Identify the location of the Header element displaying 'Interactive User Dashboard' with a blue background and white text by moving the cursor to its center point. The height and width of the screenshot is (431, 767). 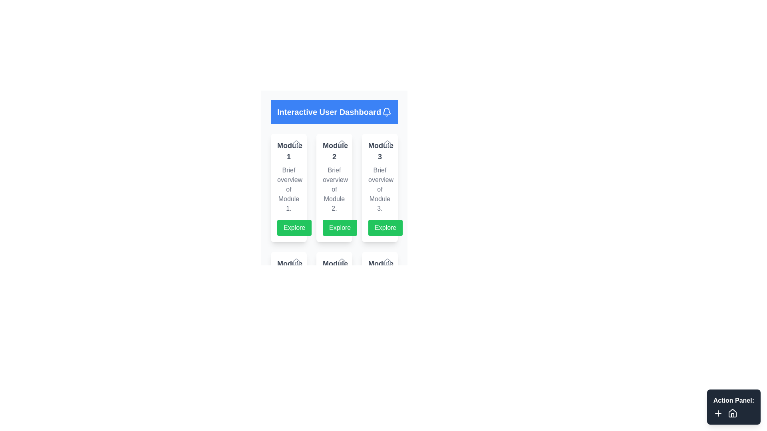
(334, 112).